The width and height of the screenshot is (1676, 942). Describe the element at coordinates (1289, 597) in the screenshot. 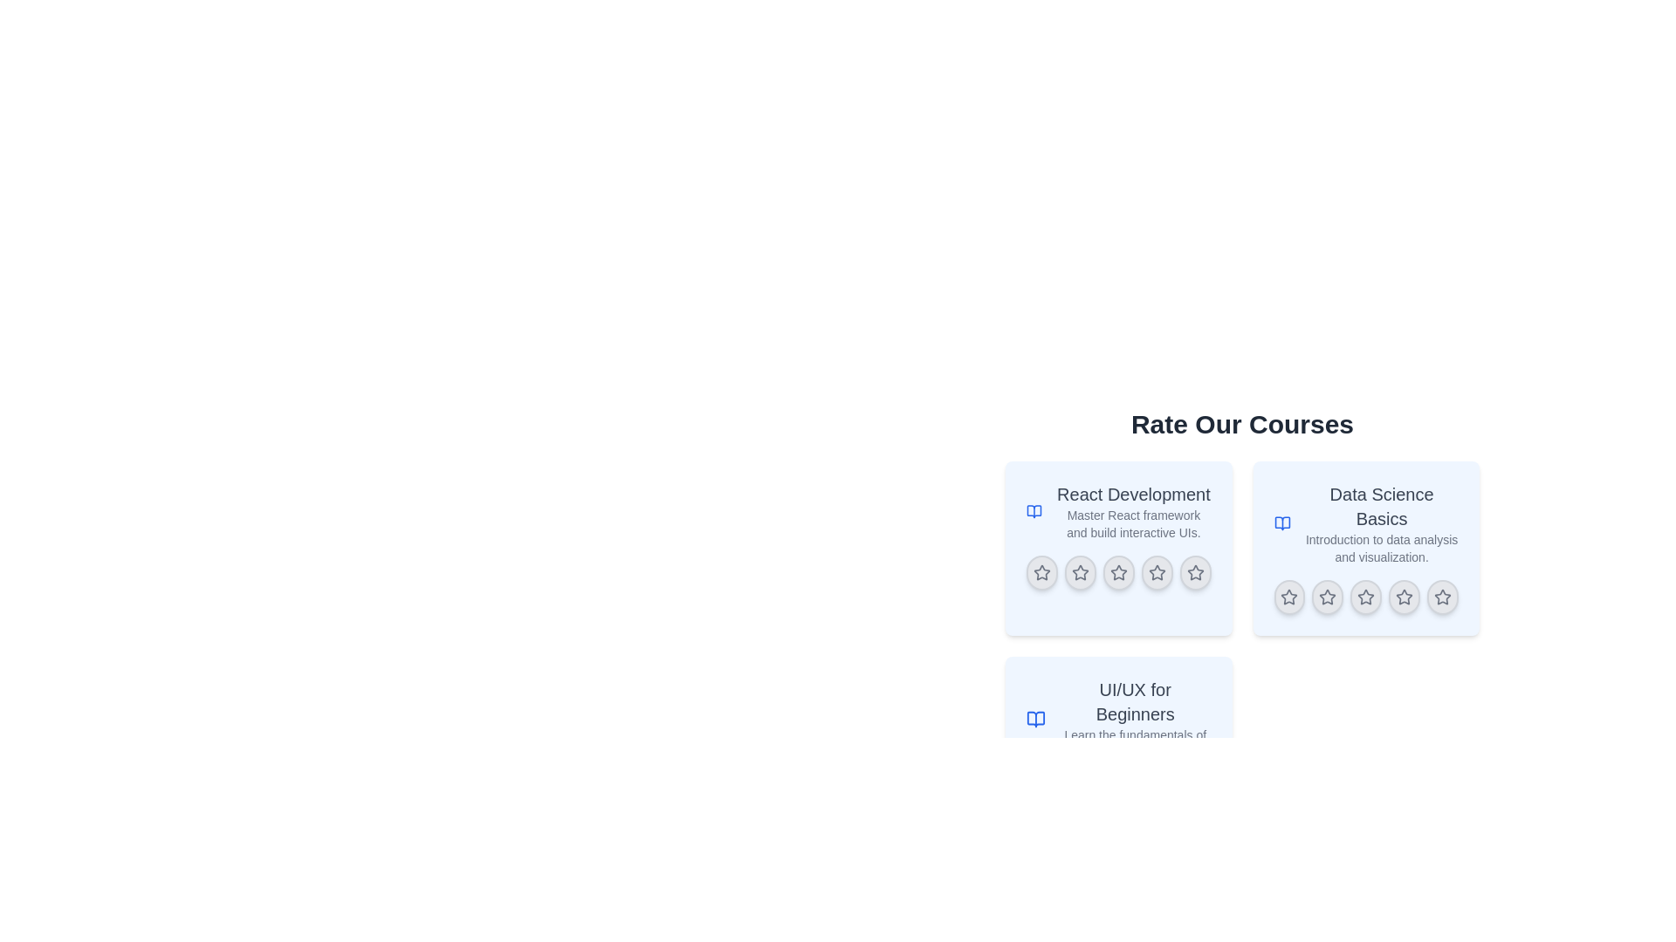

I see `the Star button for rating located in the second column, second row of the rating system to indicate a positive rating for 'Data Science Basics'` at that location.